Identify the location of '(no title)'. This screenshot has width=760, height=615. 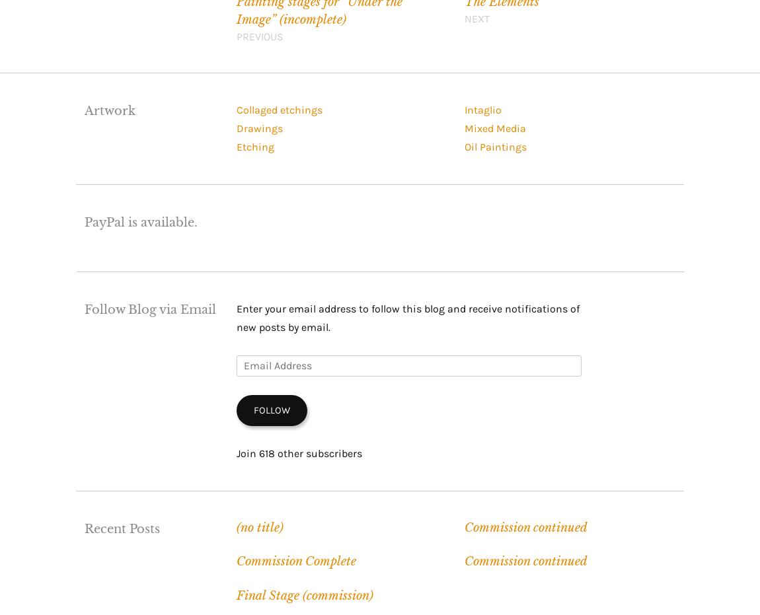
(259, 526).